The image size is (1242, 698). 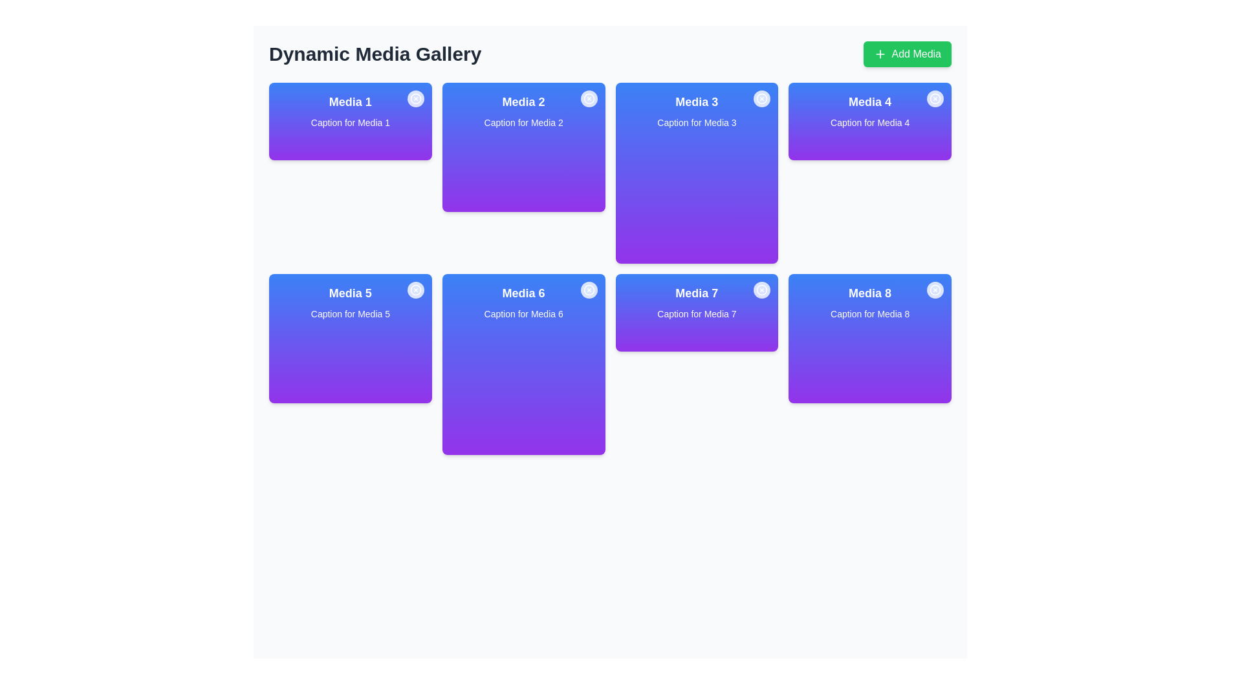 I want to click on text displayed on the 'Media 5' label, which is presented in a bold, large white font on a blue to purple gradient background, located at the center-top area of its card layout, so click(x=350, y=293).